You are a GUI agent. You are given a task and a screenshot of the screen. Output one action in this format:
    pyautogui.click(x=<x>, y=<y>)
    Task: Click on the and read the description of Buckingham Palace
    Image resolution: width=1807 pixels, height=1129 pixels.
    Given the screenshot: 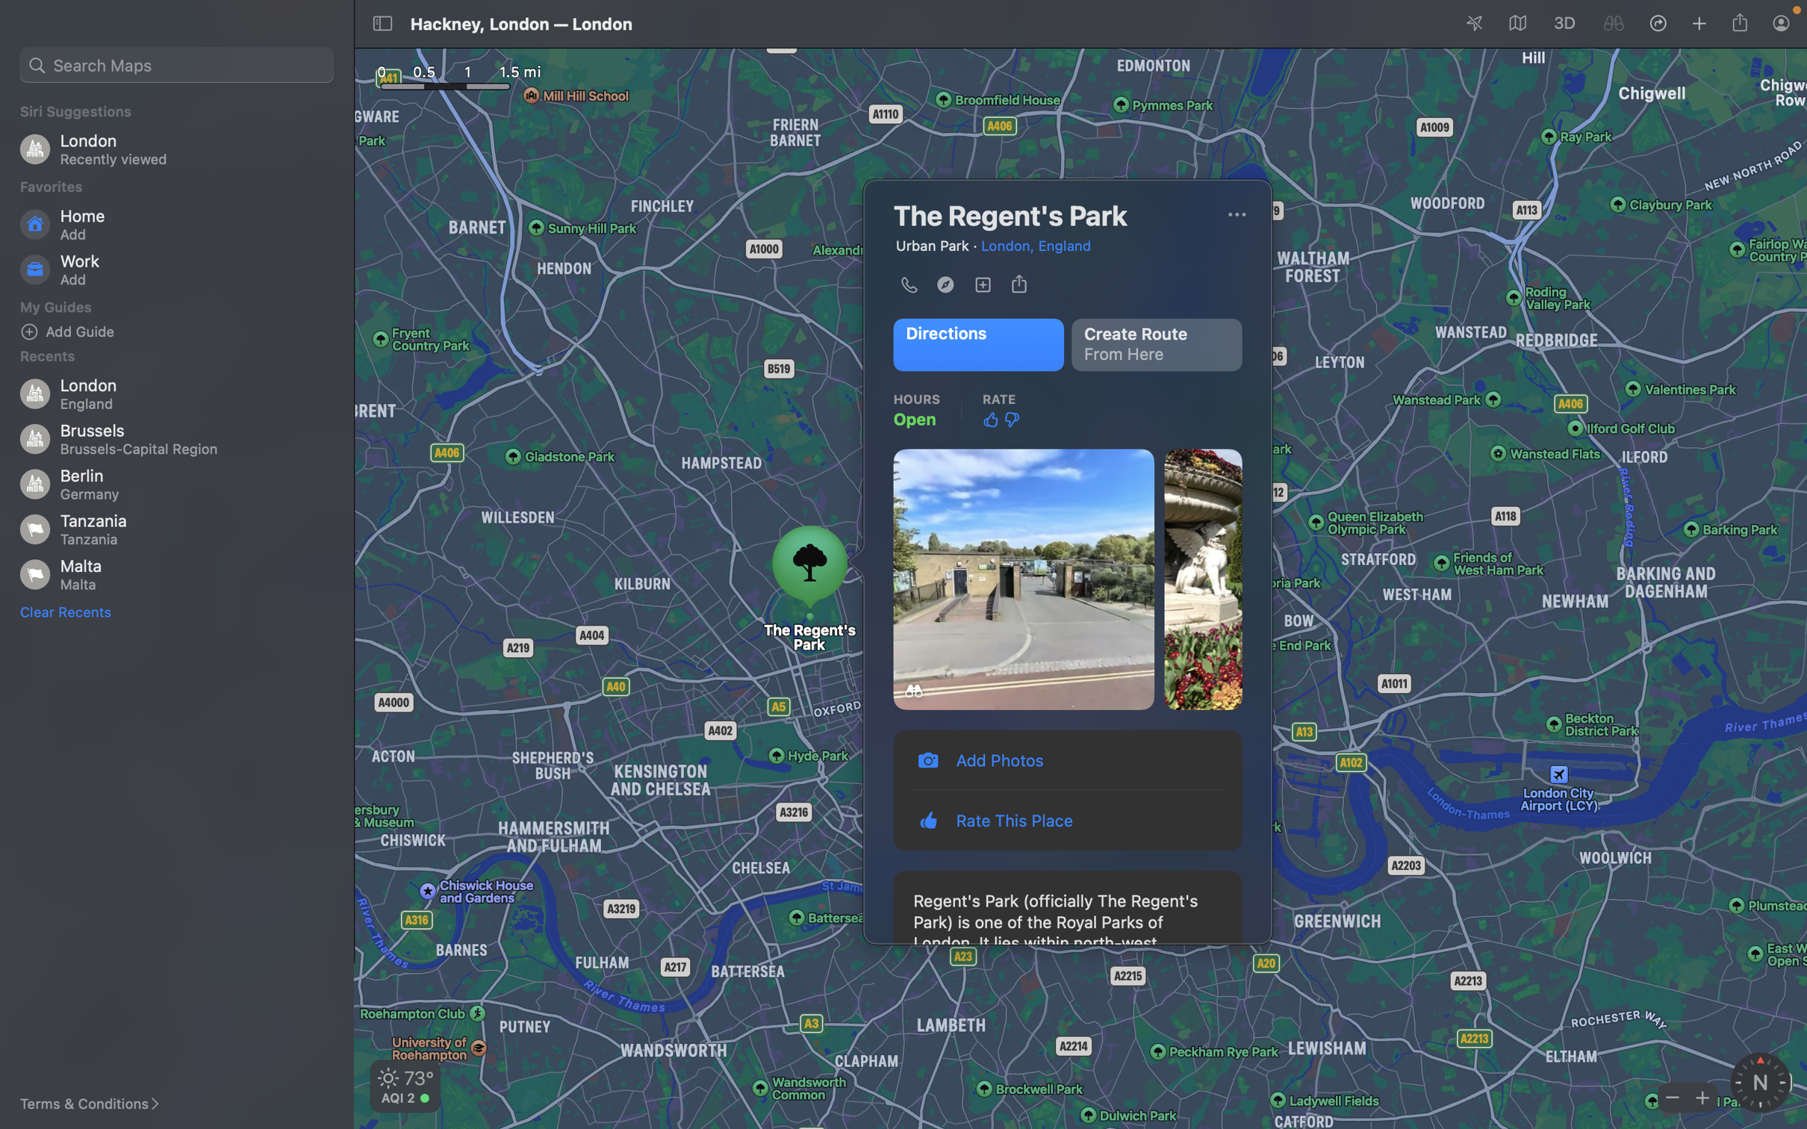 What is the action you would take?
    pyautogui.click(x=3076417, y=1053921)
    